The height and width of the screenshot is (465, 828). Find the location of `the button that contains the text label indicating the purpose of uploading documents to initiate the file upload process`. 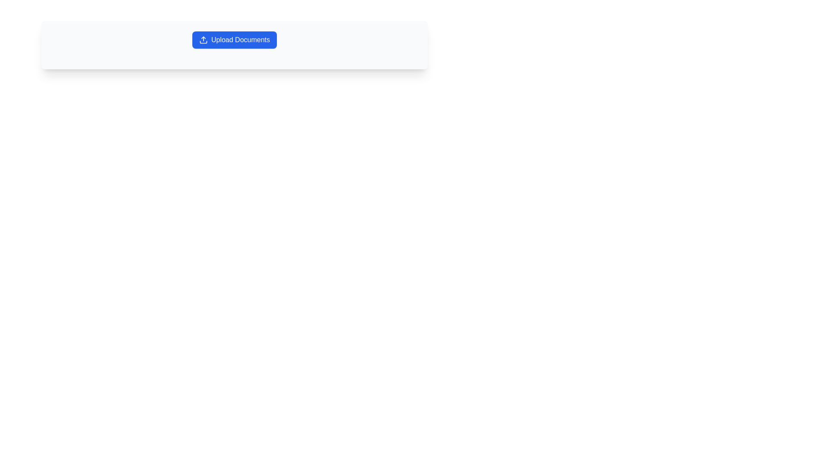

the button that contains the text label indicating the purpose of uploading documents to initiate the file upload process is located at coordinates (240, 40).